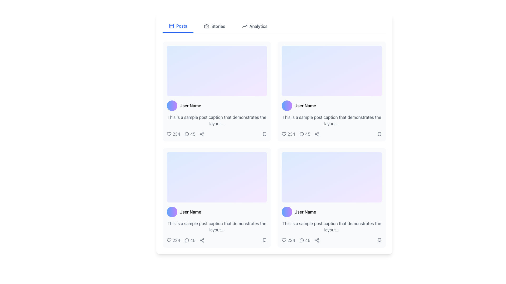 The image size is (506, 284). Describe the element at coordinates (302, 240) in the screenshot. I see `the outlined speech bubble icon located in the bottom-right quadrant of the user interface` at that location.